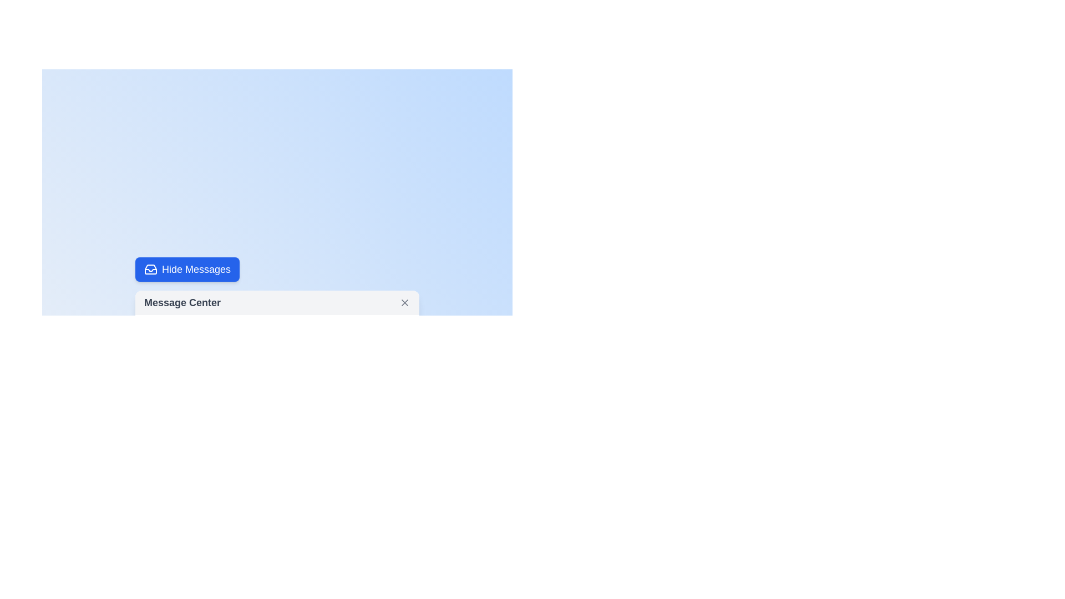  I want to click on the 'Hide Messages' button, which is a rectangular button with a blue background, white text, and an inbox icon, located in the 'Message Center' section, so click(187, 270).